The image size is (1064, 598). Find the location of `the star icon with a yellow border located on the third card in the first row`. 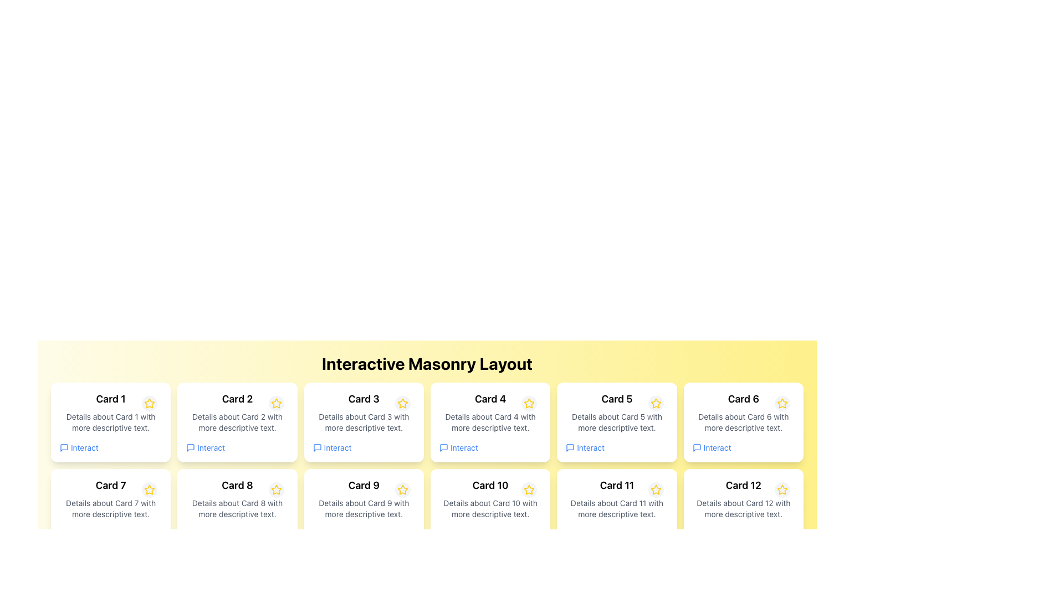

the star icon with a yellow border located on the third card in the first row is located at coordinates (402, 404).